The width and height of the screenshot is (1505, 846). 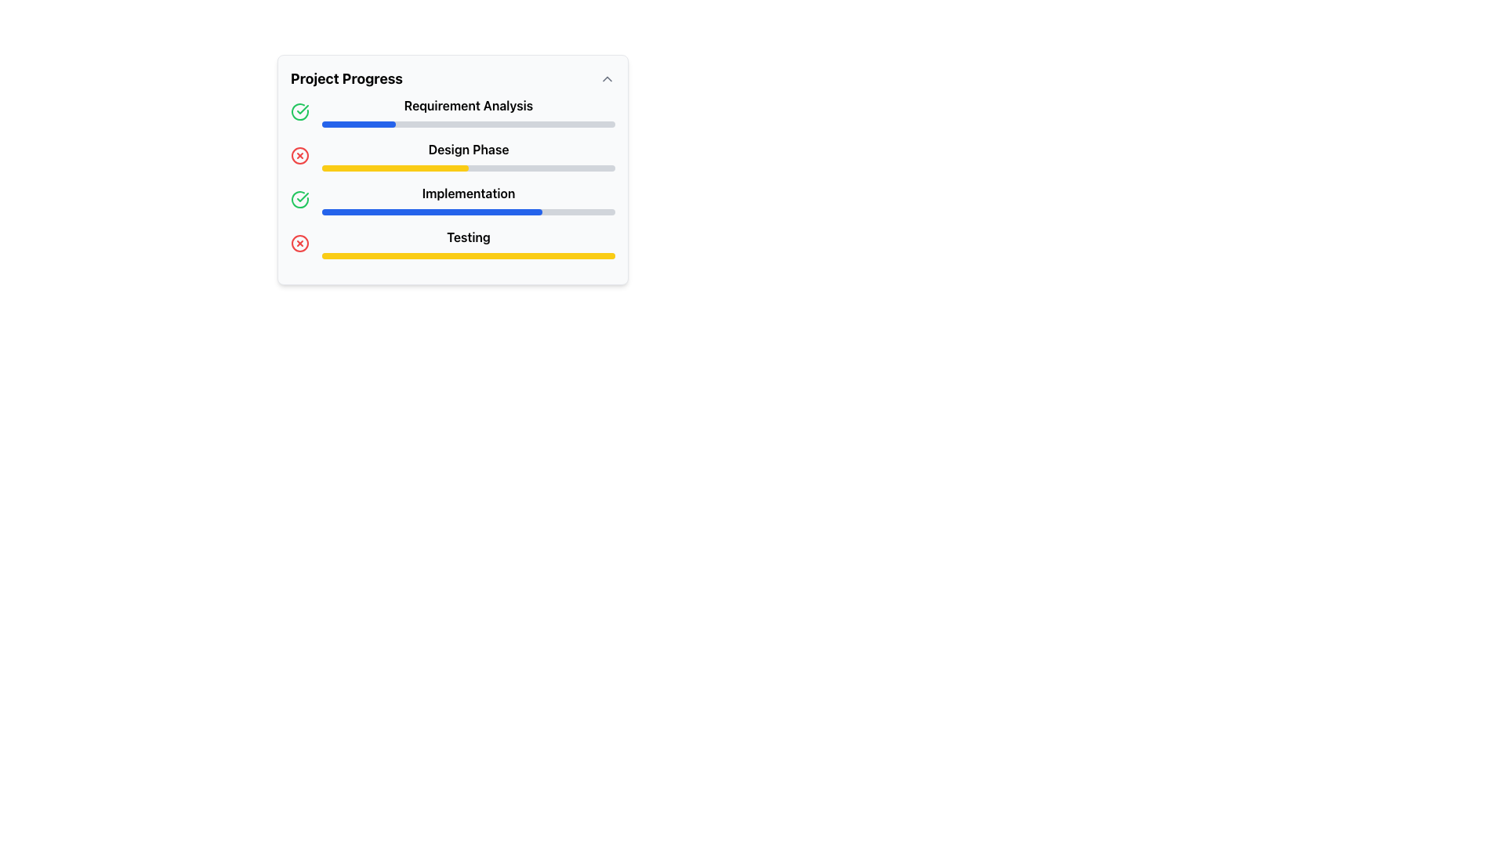 I want to click on the progress value visually on the progress bar located in the third row below the 'Implementation' label, so click(x=468, y=211).